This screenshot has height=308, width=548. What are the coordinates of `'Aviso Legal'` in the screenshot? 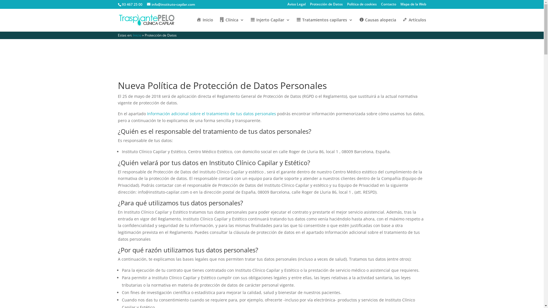 It's located at (287, 5).